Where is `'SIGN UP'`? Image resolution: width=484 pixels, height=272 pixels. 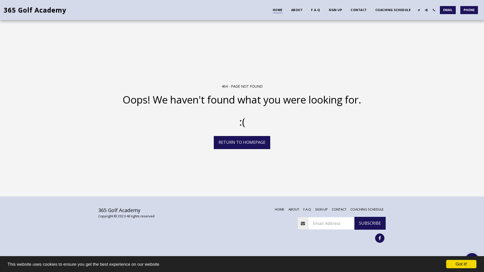
'SIGN UP' is located at coordinates (335, 10).